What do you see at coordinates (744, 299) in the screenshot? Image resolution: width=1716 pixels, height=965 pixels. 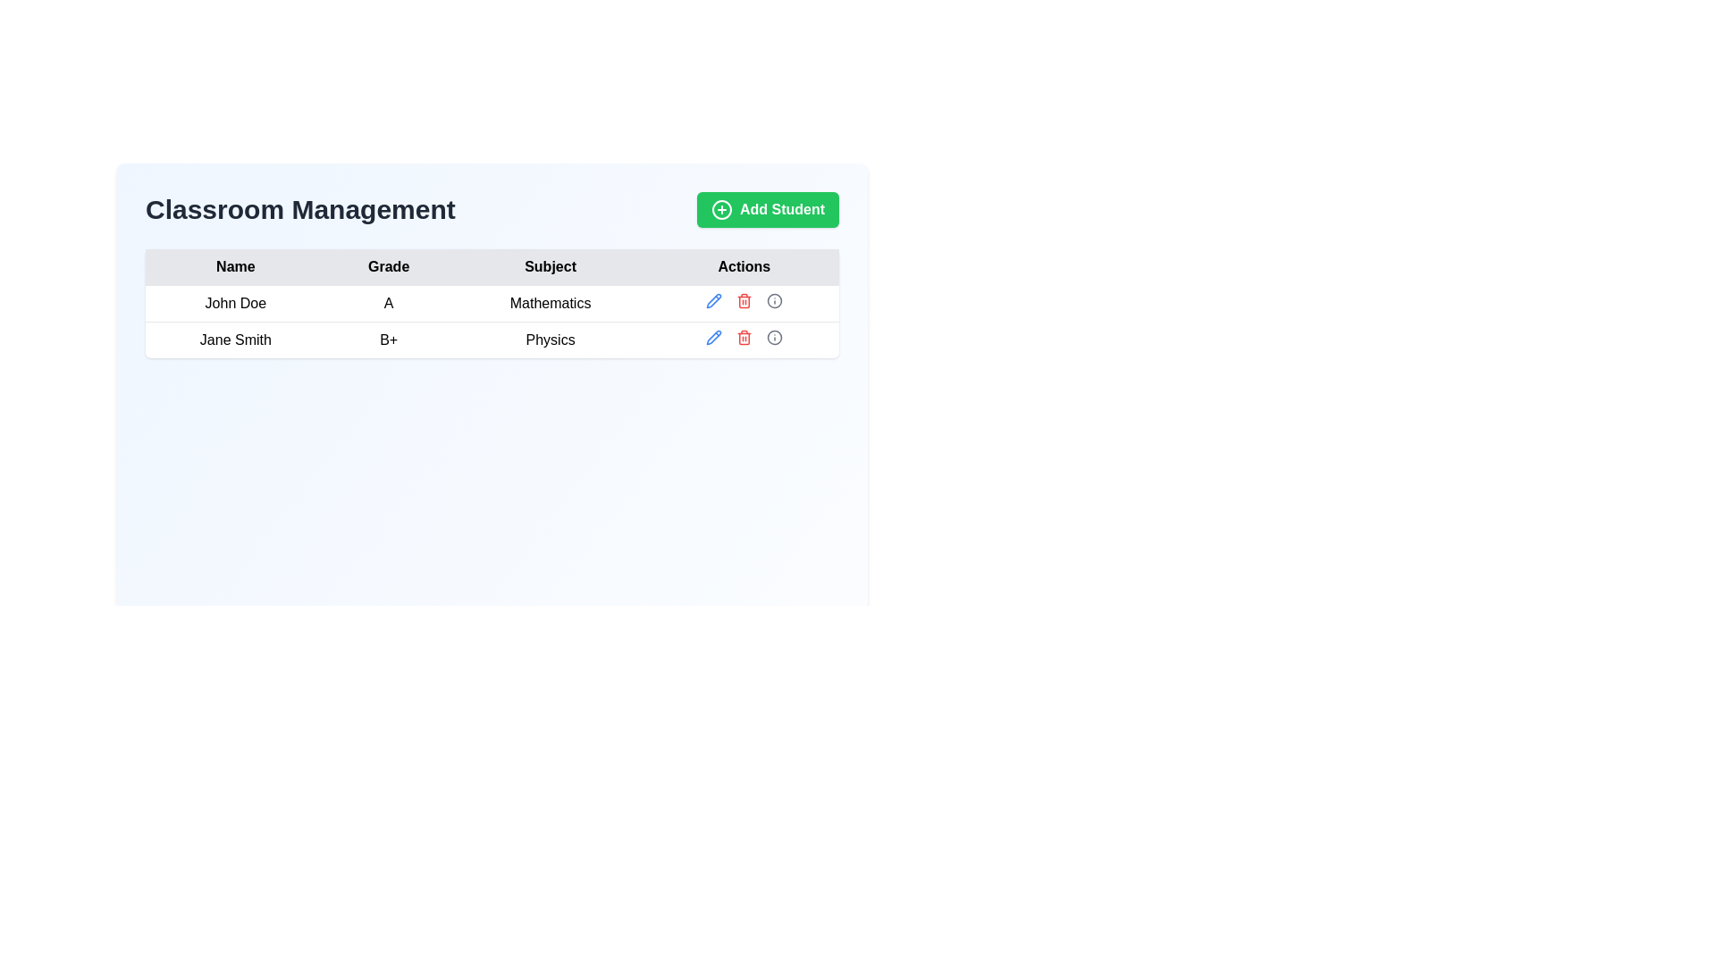 I see `the 'Delete' icon in the Row action controls for the row containing student 'John Doe' in the fourth column of the table` at bounding box center [744, 299].